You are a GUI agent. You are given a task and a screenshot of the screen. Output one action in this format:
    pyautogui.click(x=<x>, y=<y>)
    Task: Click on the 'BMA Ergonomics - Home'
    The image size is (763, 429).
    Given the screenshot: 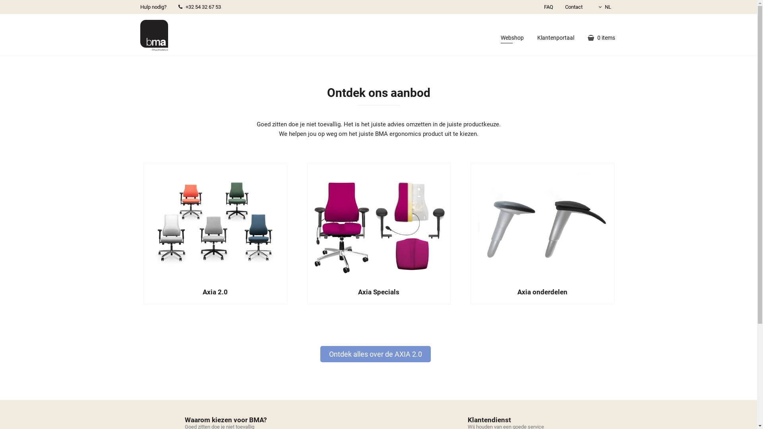 What is the action you would take?
    pyautogui.click(x=154, y=35)
    